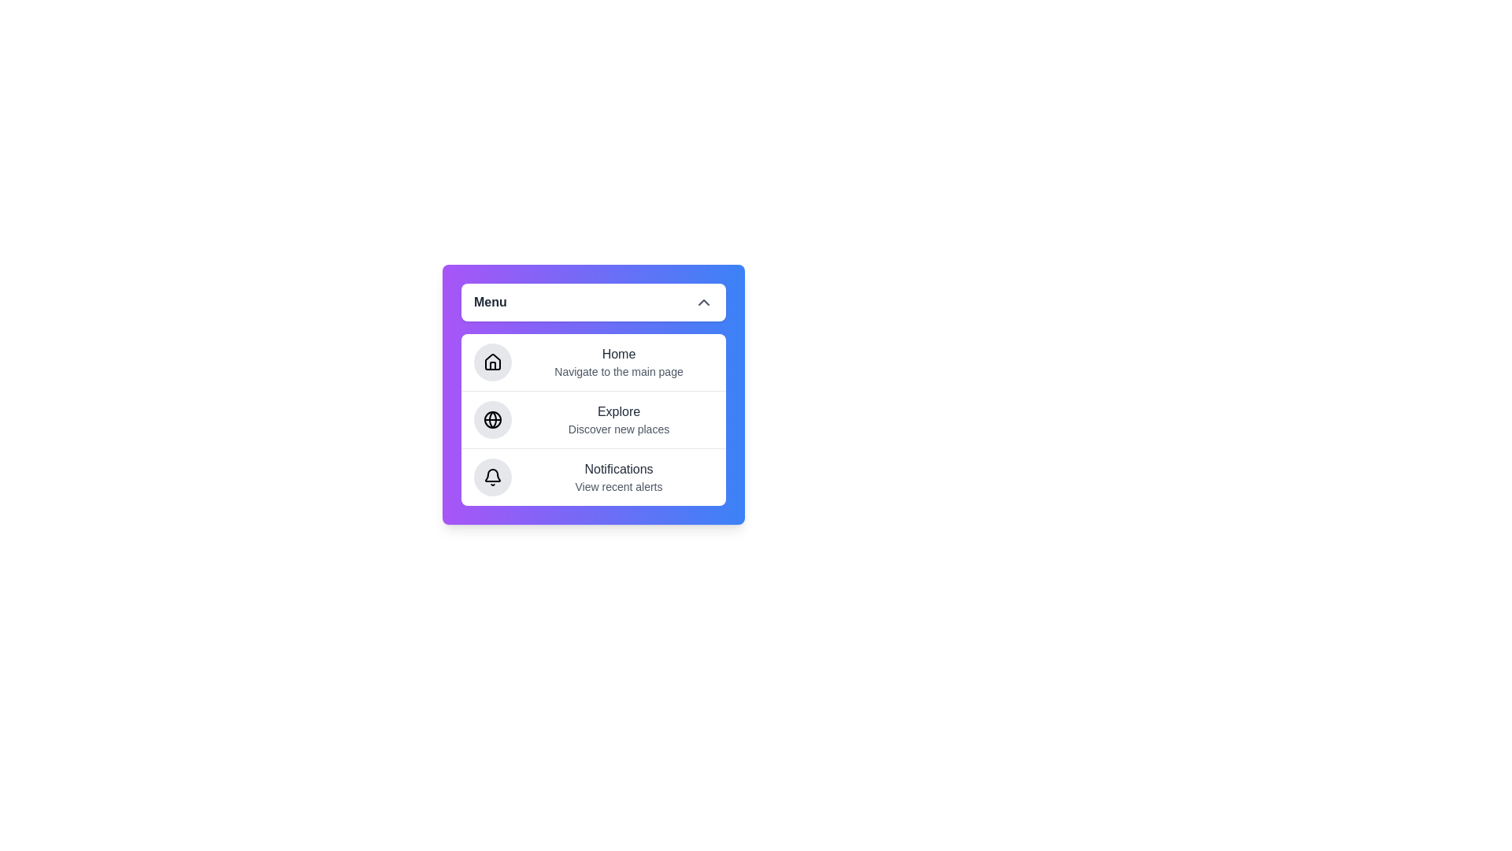 This screenshot has width=1512, height=851. I want to click on the menu option Explore to see the background change, so click(592, 418).